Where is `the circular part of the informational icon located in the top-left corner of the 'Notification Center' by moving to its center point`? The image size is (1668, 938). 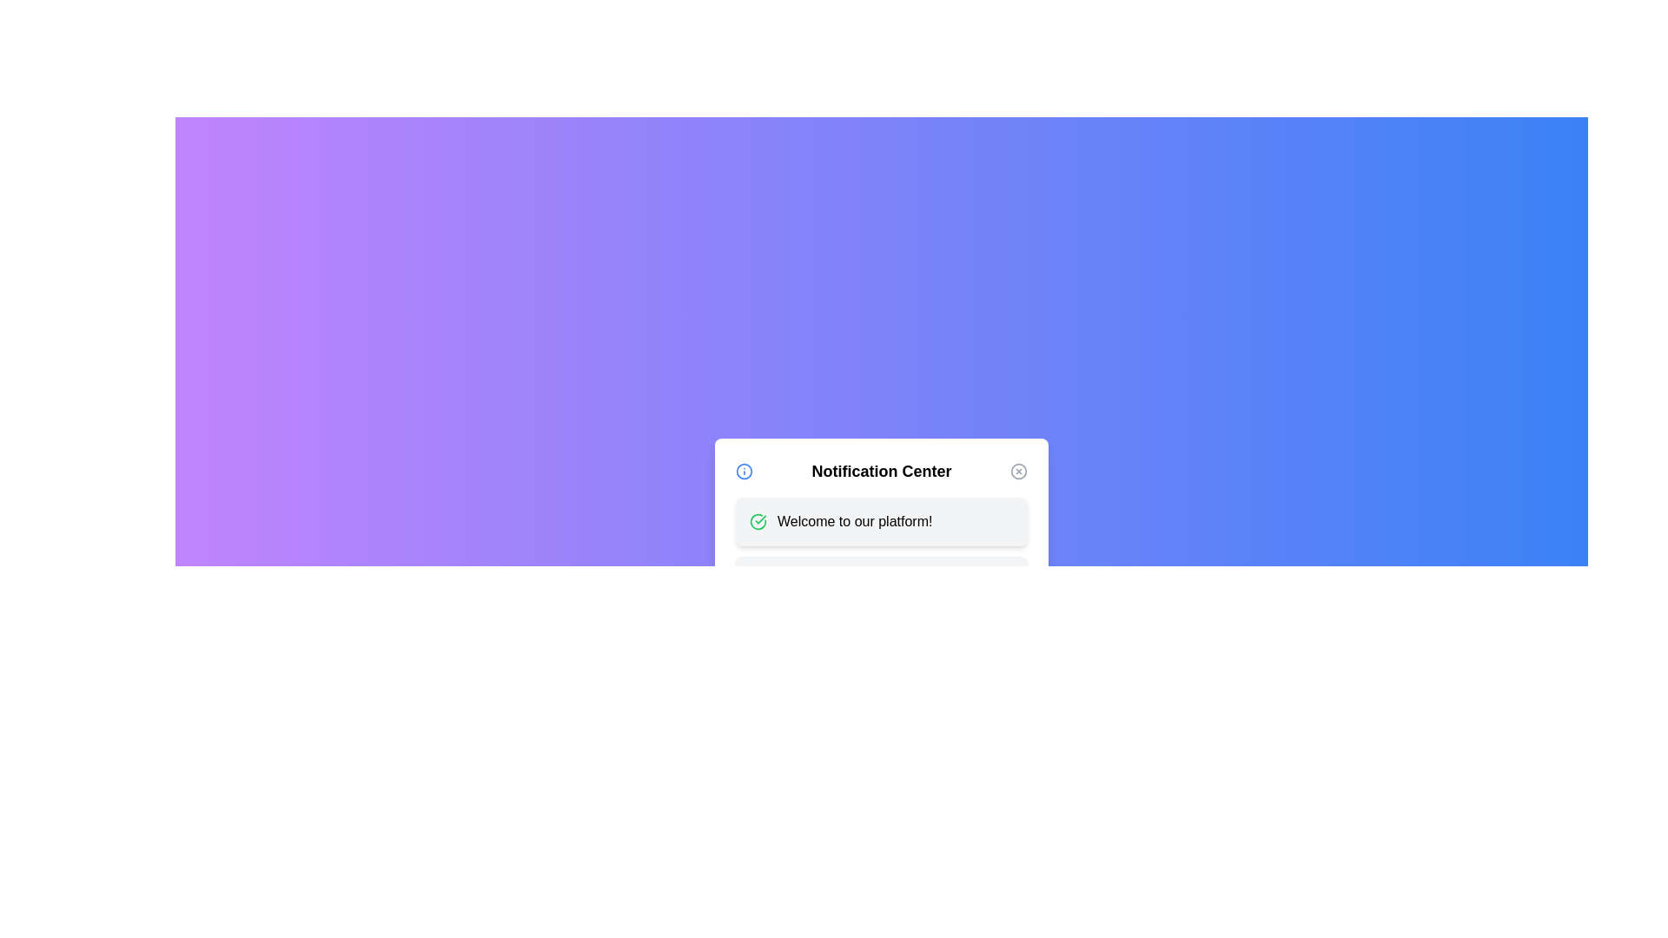 the circular part of the informational icon located in the top-left corner of the 'Notification Center' by moving to its center point is located at coordinates (745, 472).